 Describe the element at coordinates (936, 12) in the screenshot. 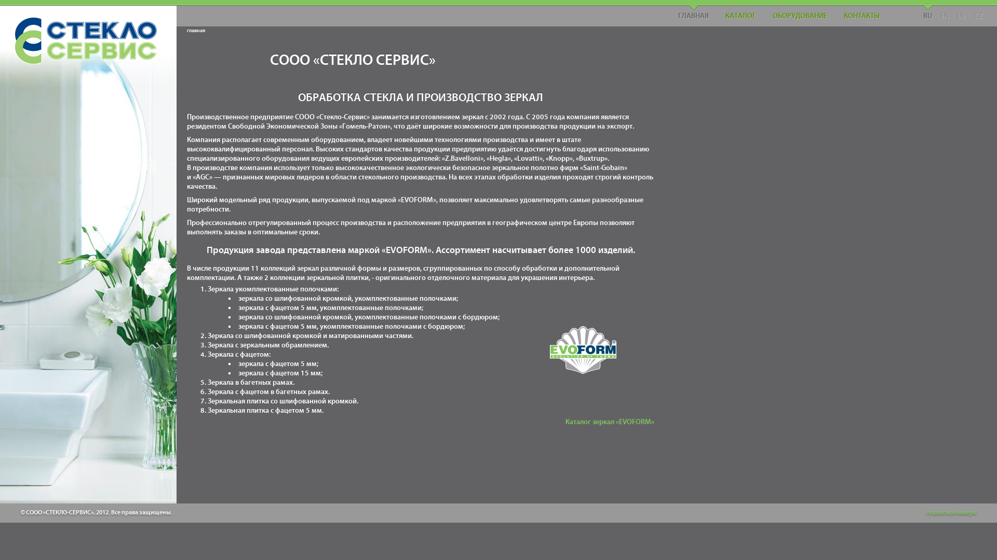

I see `'EN'` at that location.